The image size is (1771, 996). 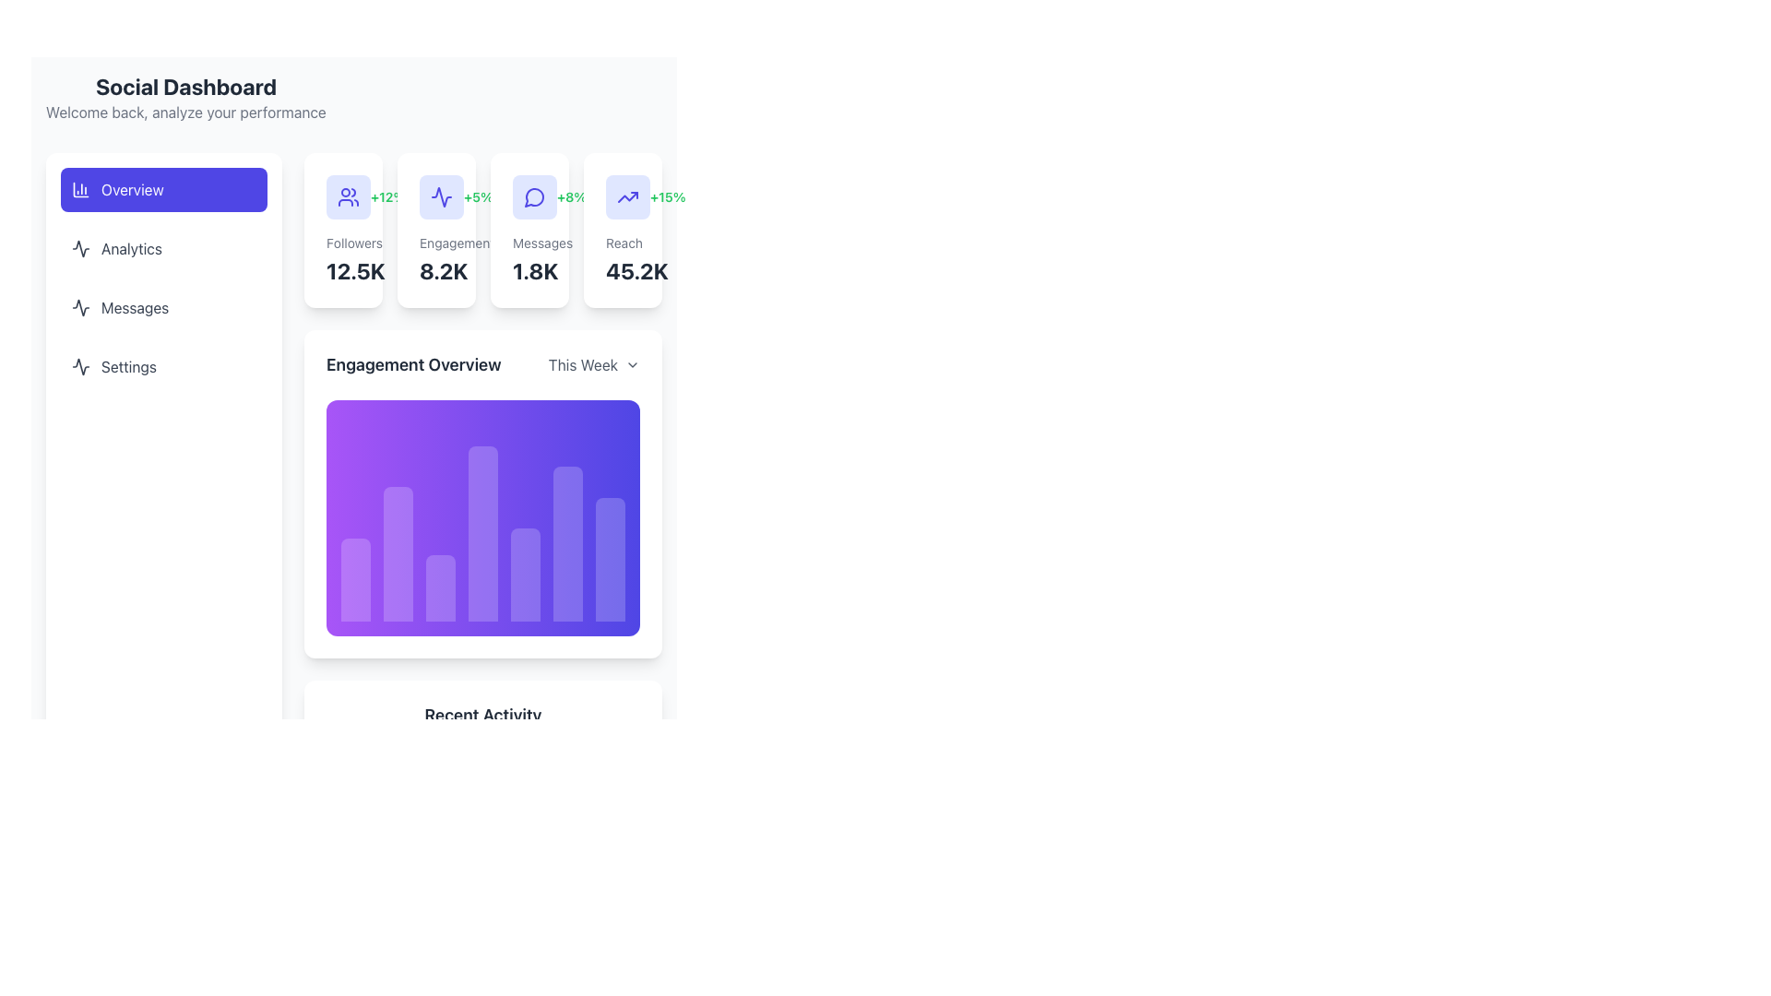 What do you see at coordinates (478, 196) in the screenshot?
I see `the Statistical Display Text located in the second card of the dashboard, which displays a percentage change or increment value adjacent to a line chart icon` at bounding box center [478, 196].